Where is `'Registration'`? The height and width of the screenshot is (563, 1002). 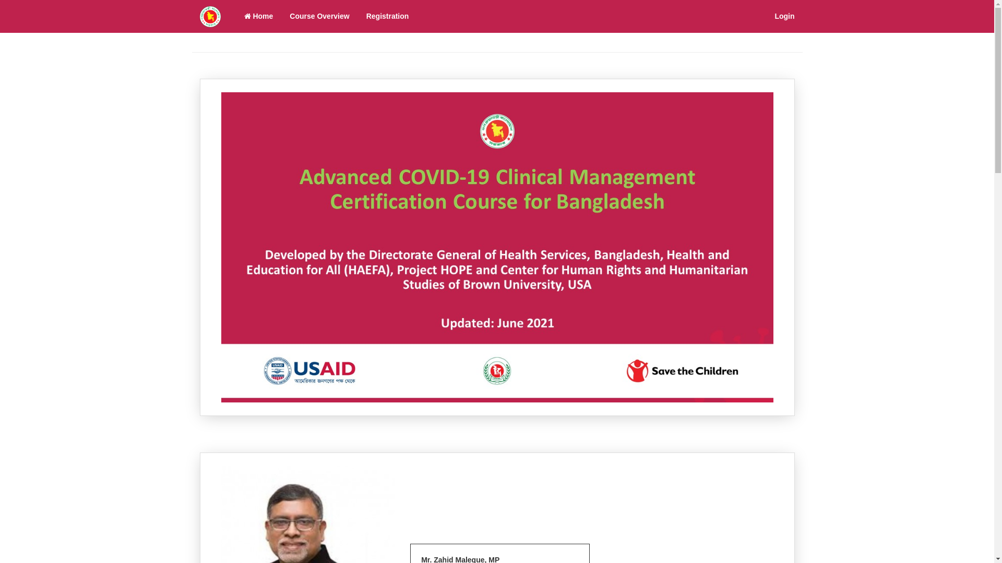 'Registration' is located at coordinates (387, 16).